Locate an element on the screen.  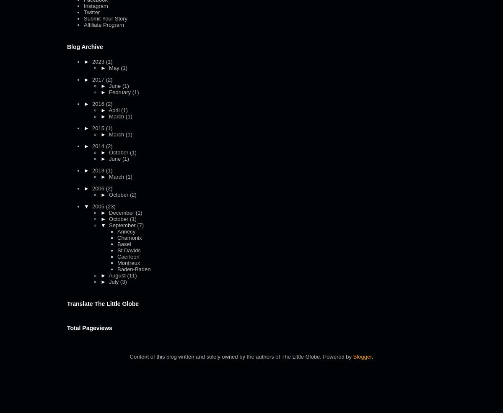
'(11)' is located at coordinates (132, 275).